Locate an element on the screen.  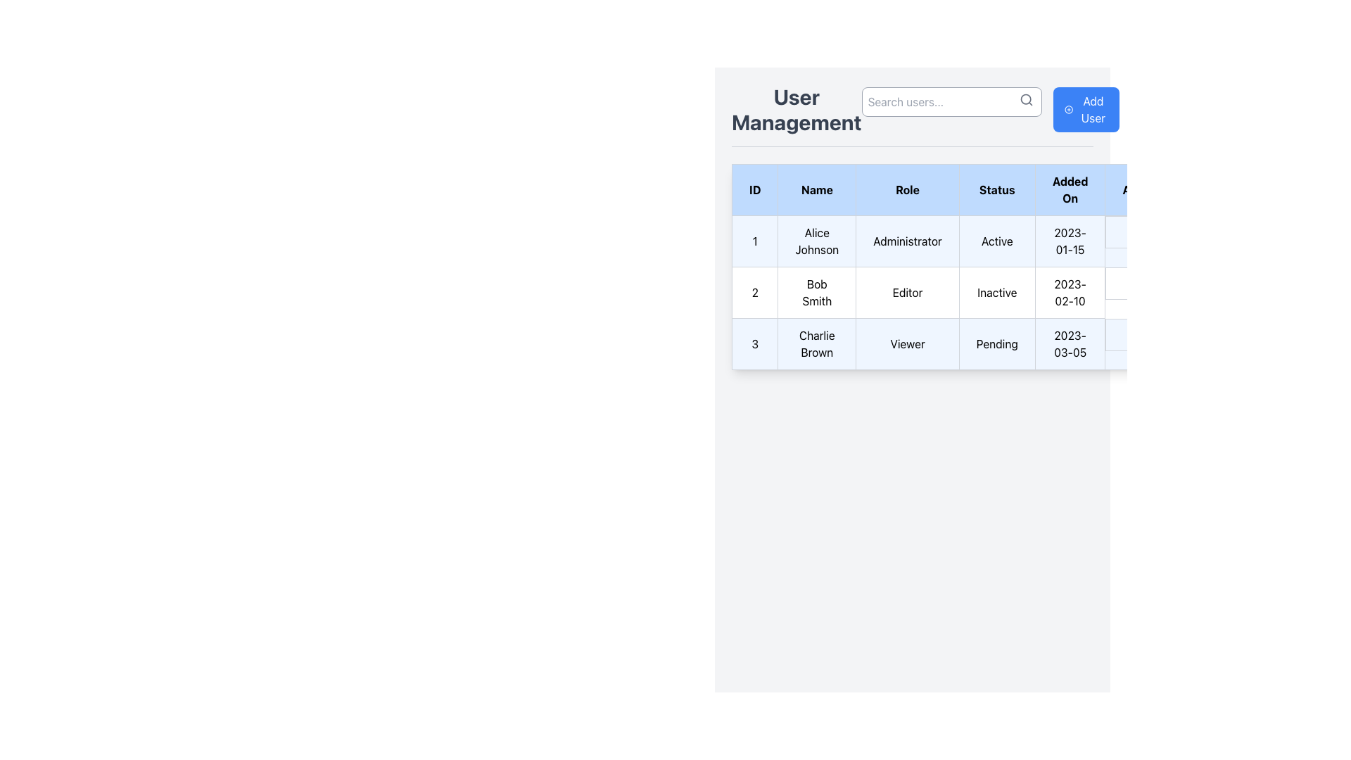
the date field in the rightmost column of the user data table row, which indicates when the user record was added is located at coordinates (1070, 241).